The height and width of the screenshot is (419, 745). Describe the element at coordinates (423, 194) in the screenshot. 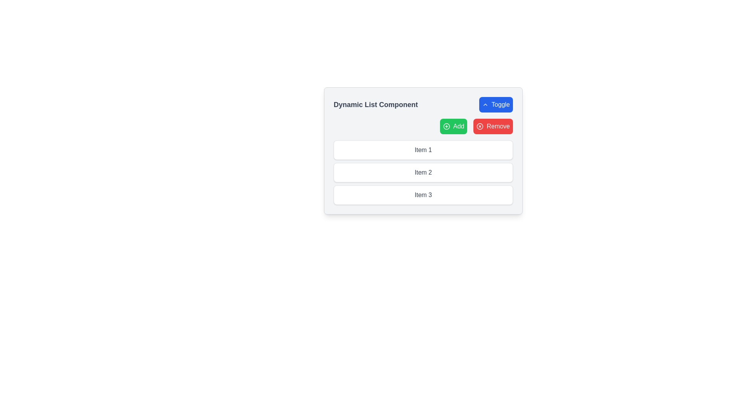

I see `the third item in the list within the 'Dynamic List Component' card, which is a static display component and does not have interactive capabilities` at that location.